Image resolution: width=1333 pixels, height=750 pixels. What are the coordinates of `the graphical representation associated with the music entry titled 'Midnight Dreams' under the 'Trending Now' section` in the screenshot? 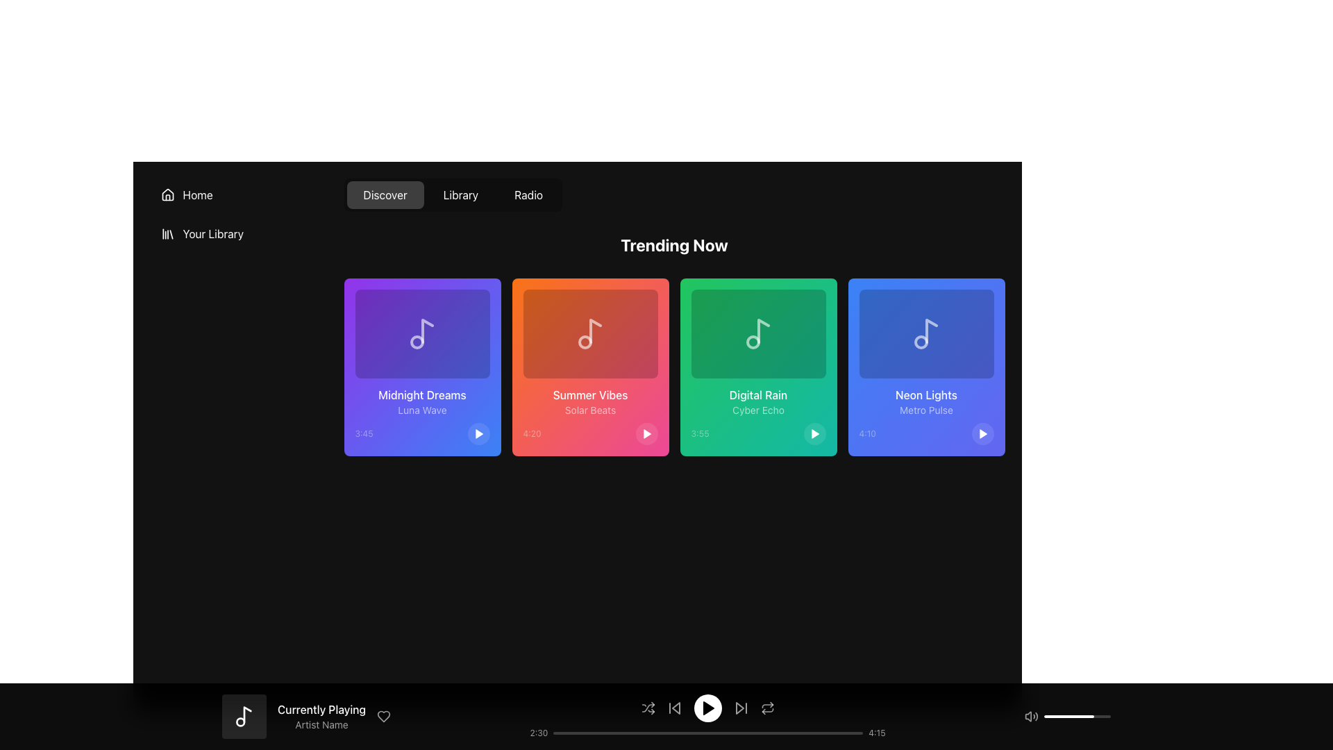 It's located at (421, 334).